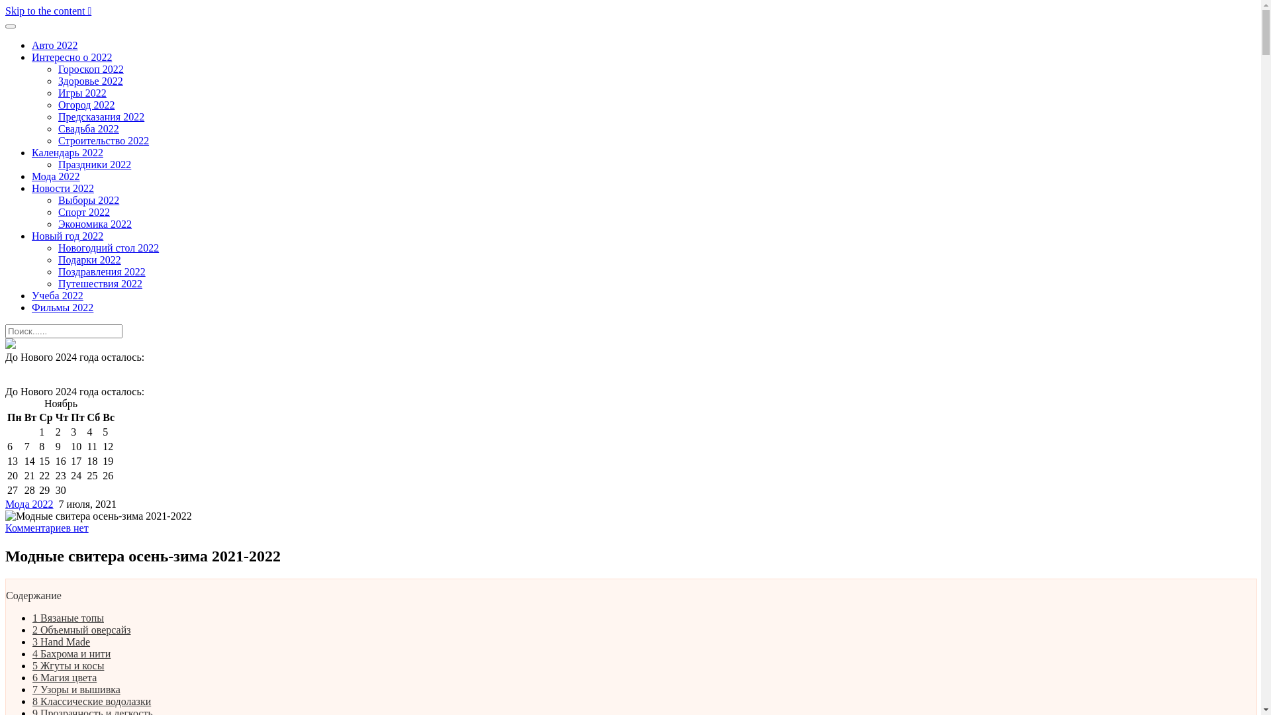 This screenshot has height=715, width=1271. Describe the element at coordinates (60, 641) in the screenshot. I see `'3 Hand Made'` at that location.